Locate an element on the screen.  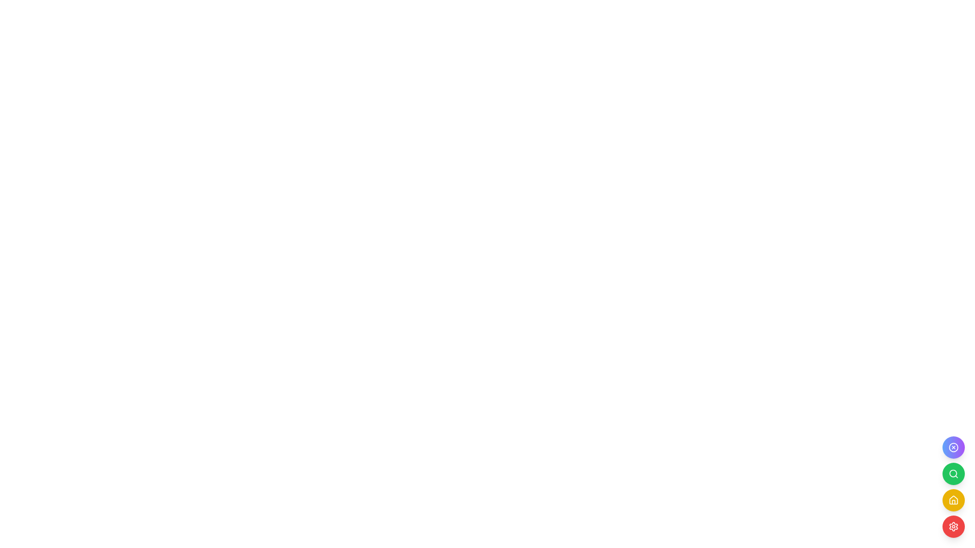
the icon or graphical marker located near the second item in a vertical list of circular elements along the right side of the interface is located at coordinates (953, 473).